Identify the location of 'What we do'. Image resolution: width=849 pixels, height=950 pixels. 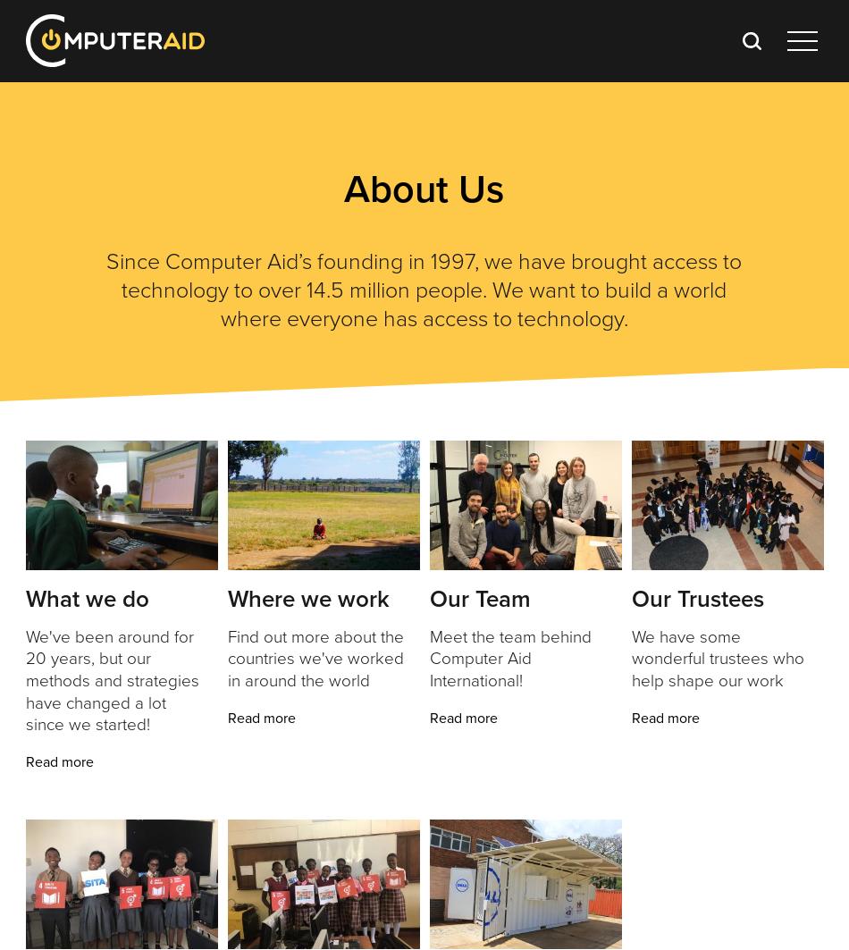
(86, 597).